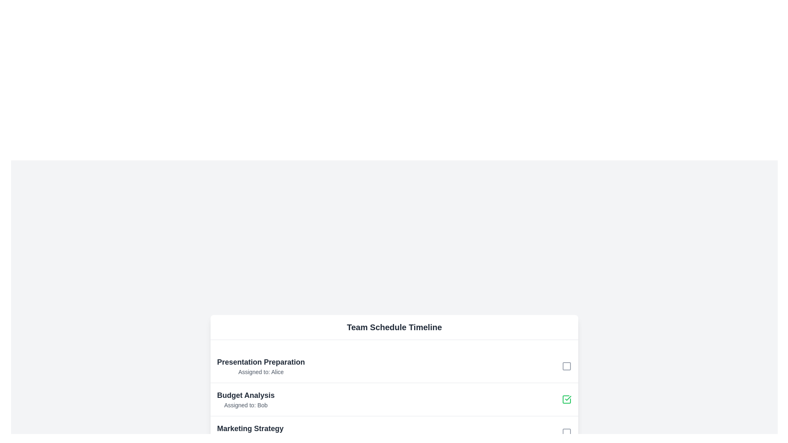  I want to click on the card area of the task Presentation Preparation, so click(260, 365).